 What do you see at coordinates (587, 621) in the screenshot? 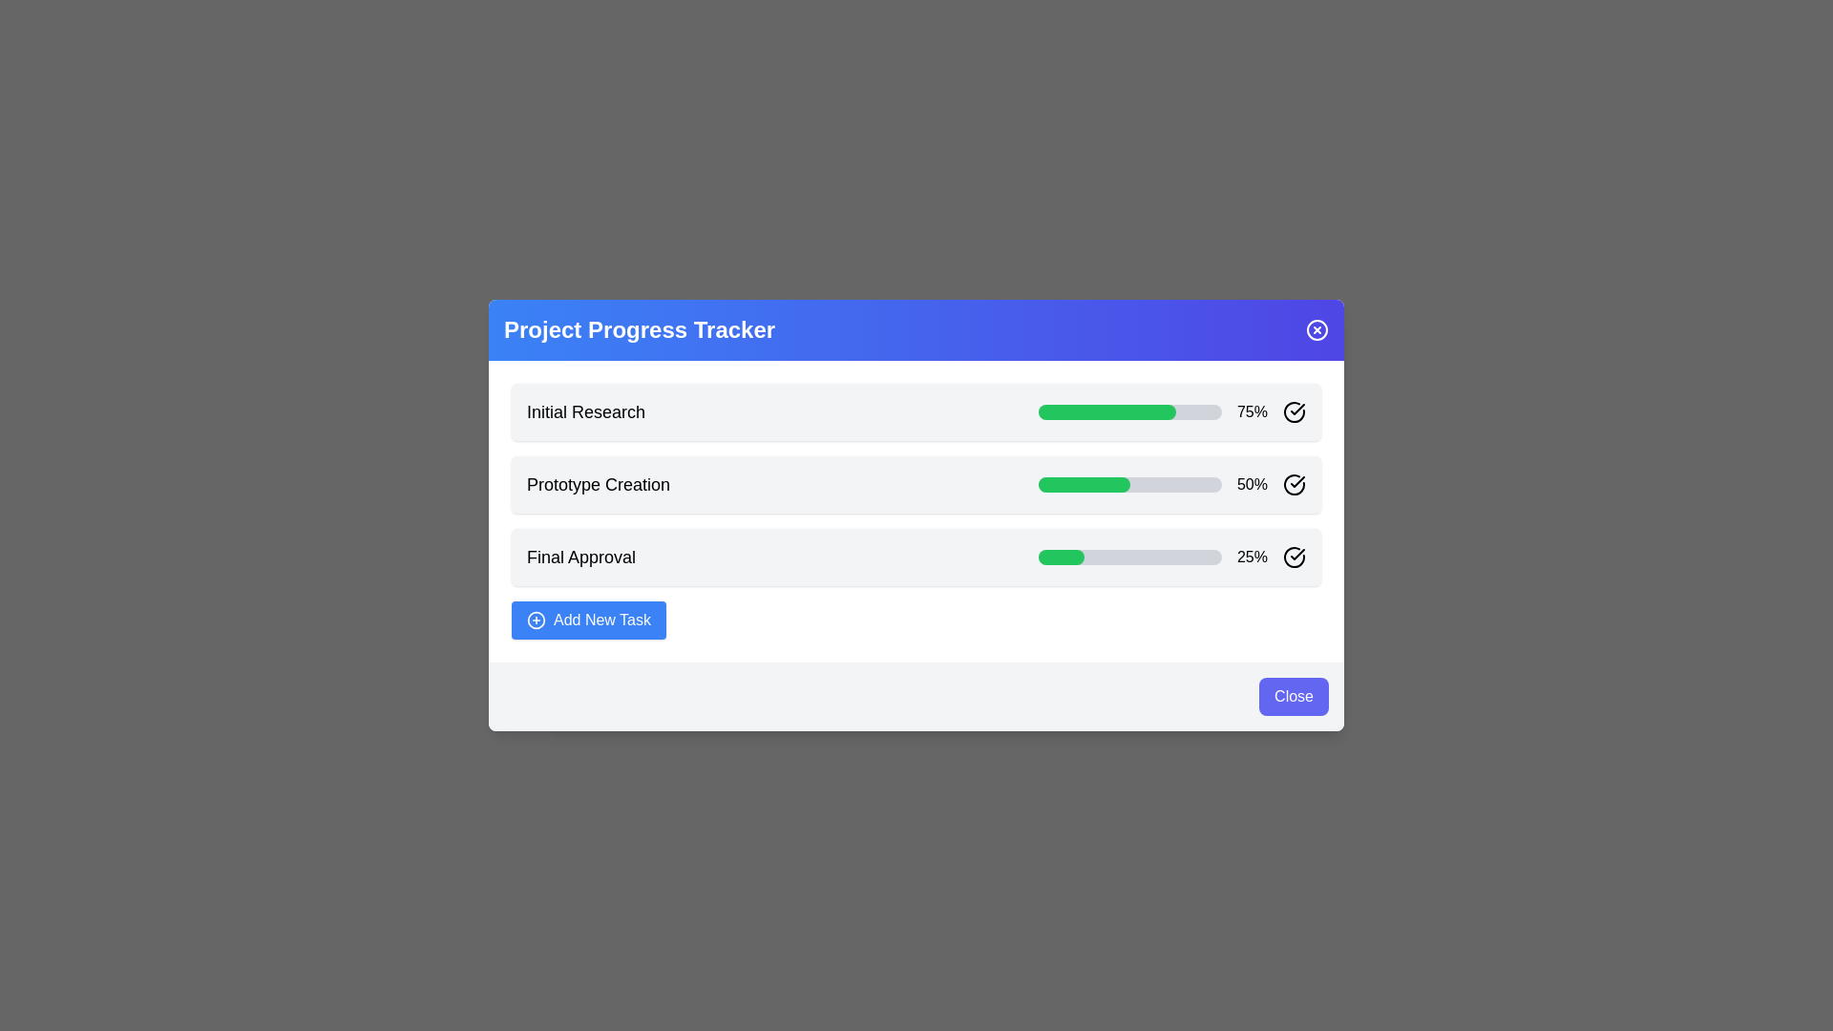
I see `the rectangular button labeled 'Add New Task' with a blue background and a plus sign icon` at bounding box center [587, 621].